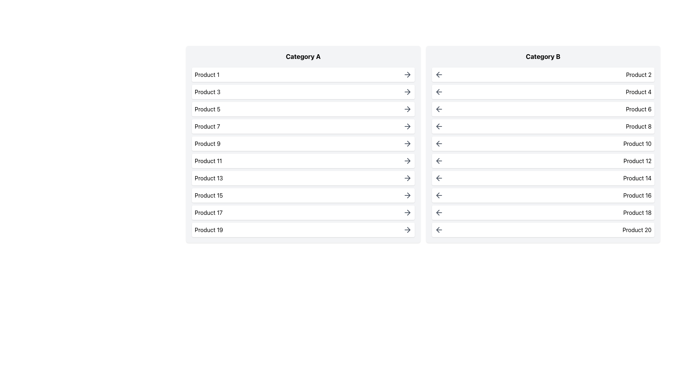 The width and height of the screenshot is (690, 388). Describe the element at coordinates (639, 126) in the screenshot. I see `the text label displaying 'Product 8', which is the fourth item in the right column labeled 'Category B'` at that location.